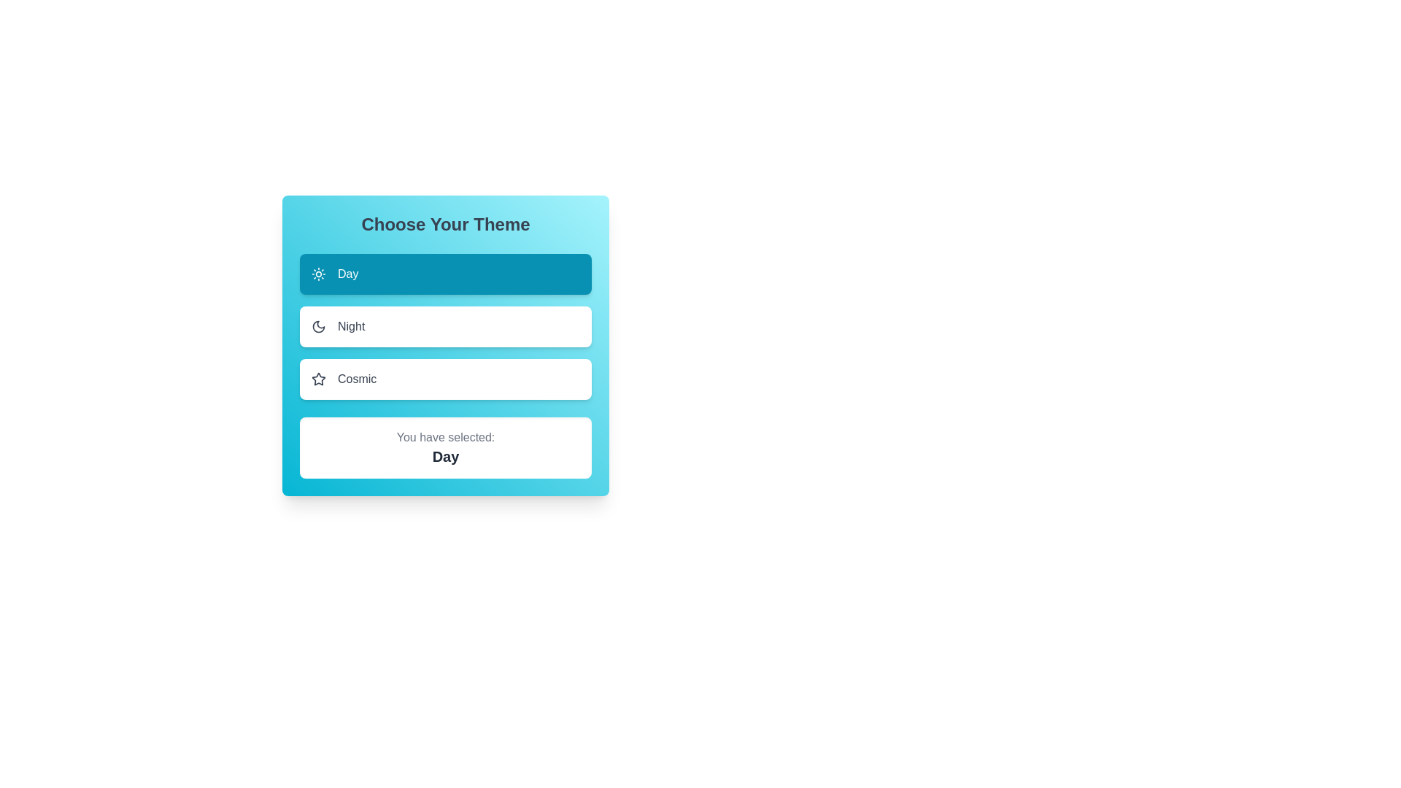 The height and width of the screenshot is (788, 1401). Describe the element at coordinates (351, 325) in the screenshot. I see `the 'Night' text label which is styled with medium font weight and dark gray color, positioned to the right of a circular moon icon within a selection box` at that location.